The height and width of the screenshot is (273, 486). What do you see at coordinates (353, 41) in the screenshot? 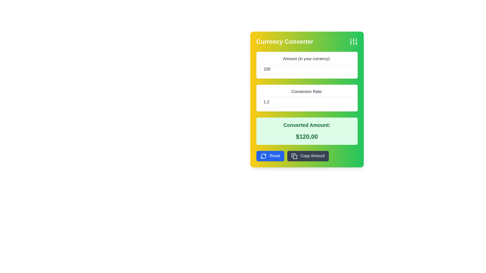
I see `the settings icon located at the top-right corner of the currency converter section` at bounding box center [353, 41].